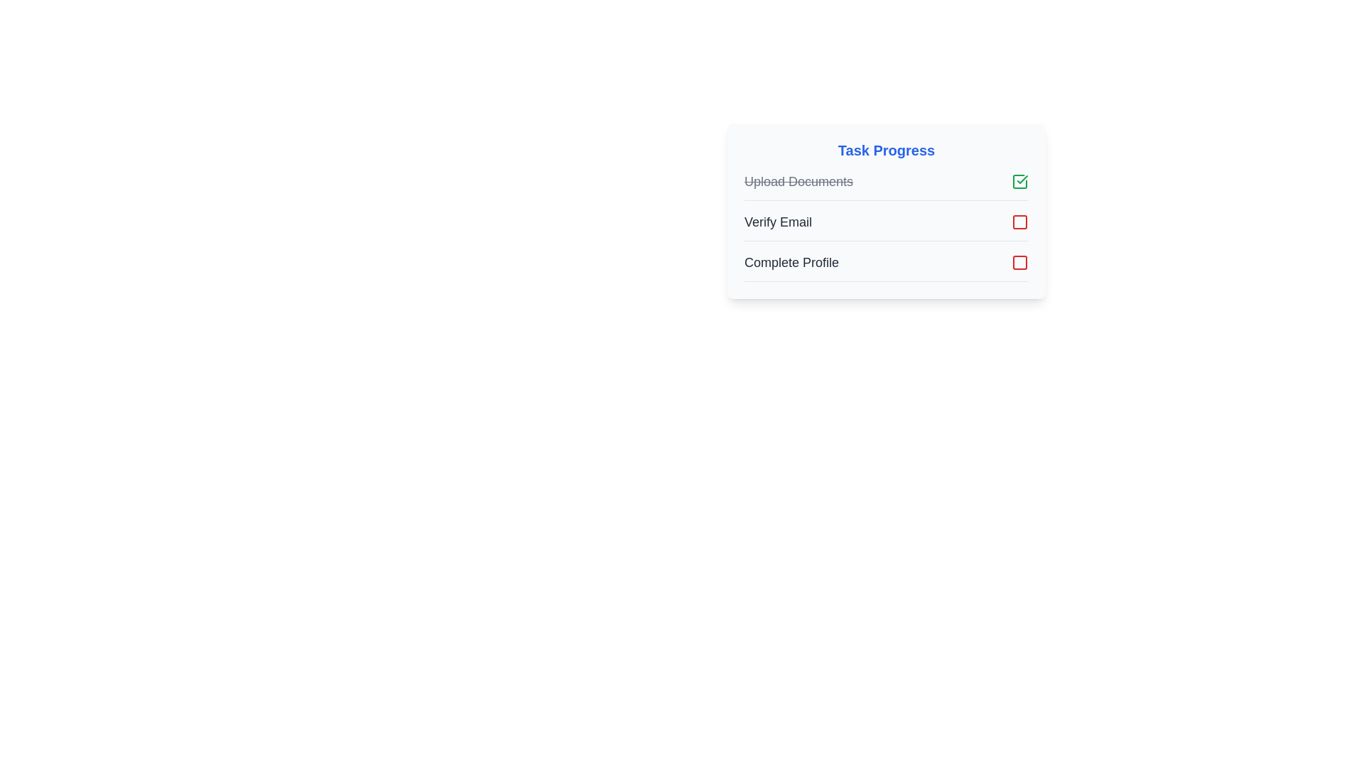 The height and width of the screenshot is (767, 1364). Describe the element at coordinates (1019, 180) in the screenshot. I see `the green checkbox icon with a white checkmark located adjacent to the 'Upload Documents' text` at that location.